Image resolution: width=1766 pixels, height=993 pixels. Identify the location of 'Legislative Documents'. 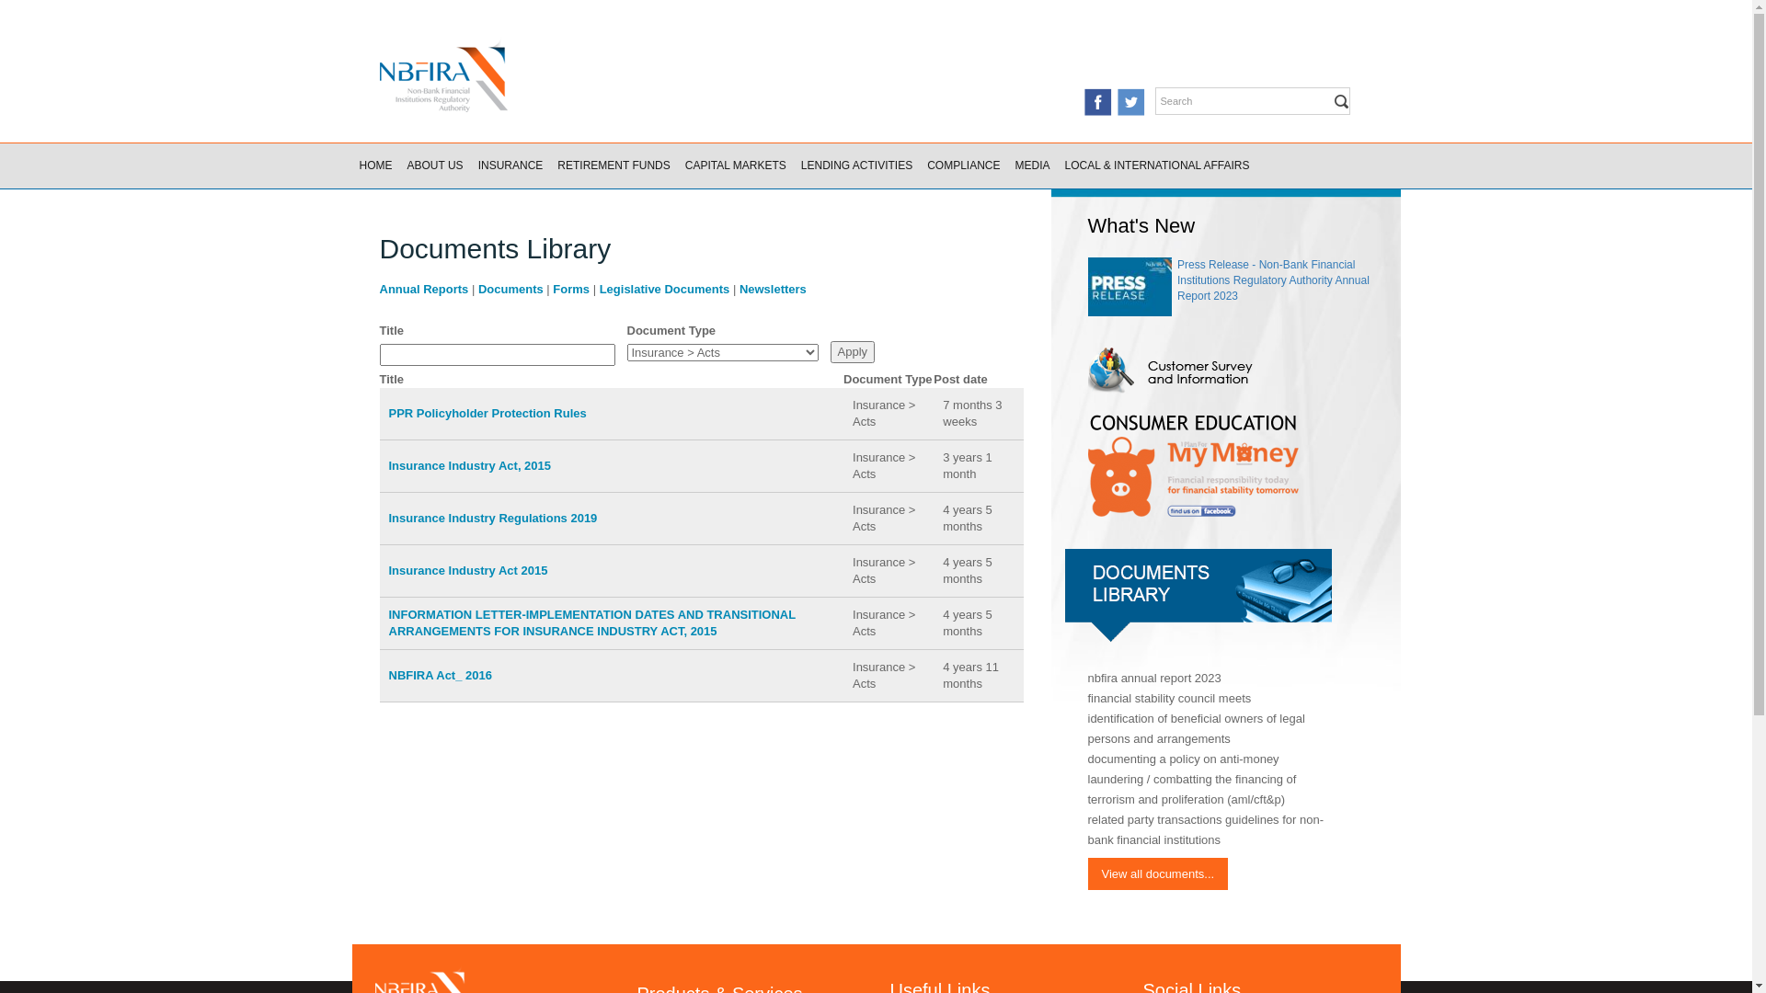
(664, 289).